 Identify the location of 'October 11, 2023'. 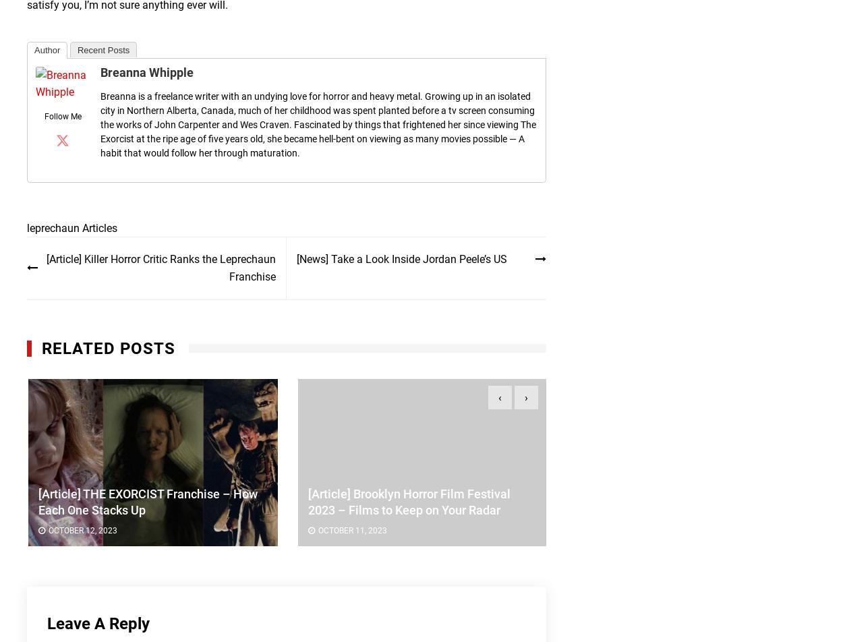
(316, 531).